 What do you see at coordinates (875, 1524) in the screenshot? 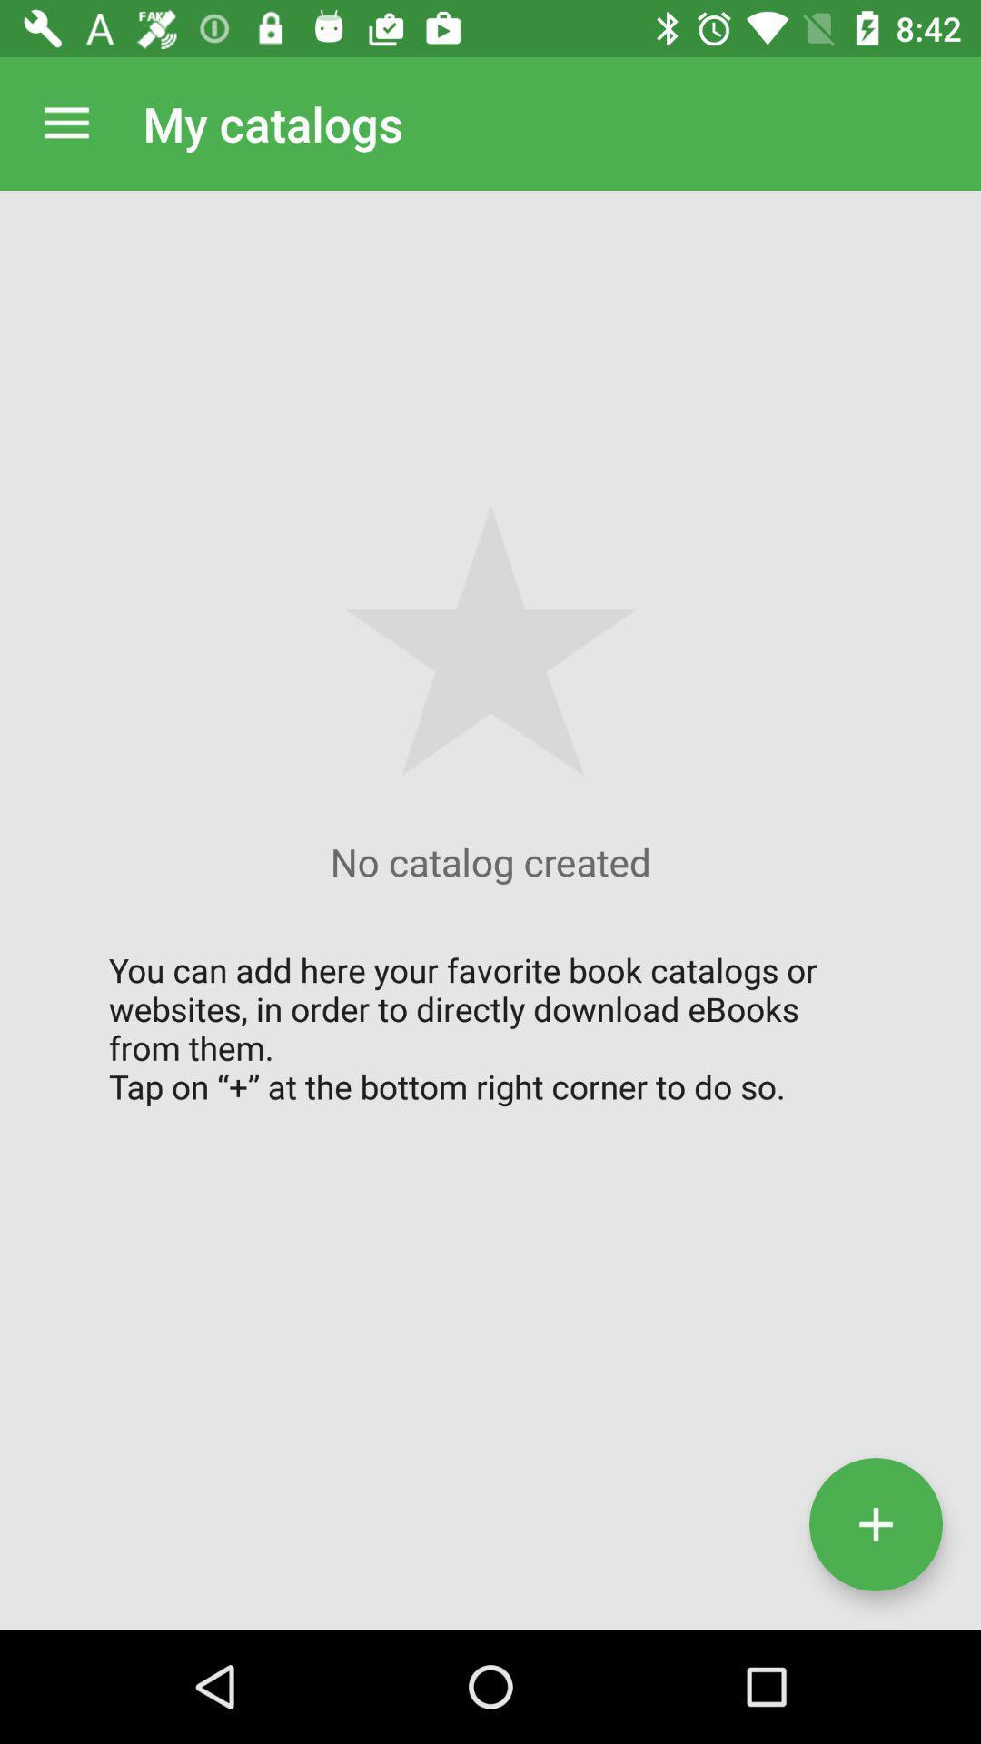
I see `catalogue` at bounding box center [875, 1524].